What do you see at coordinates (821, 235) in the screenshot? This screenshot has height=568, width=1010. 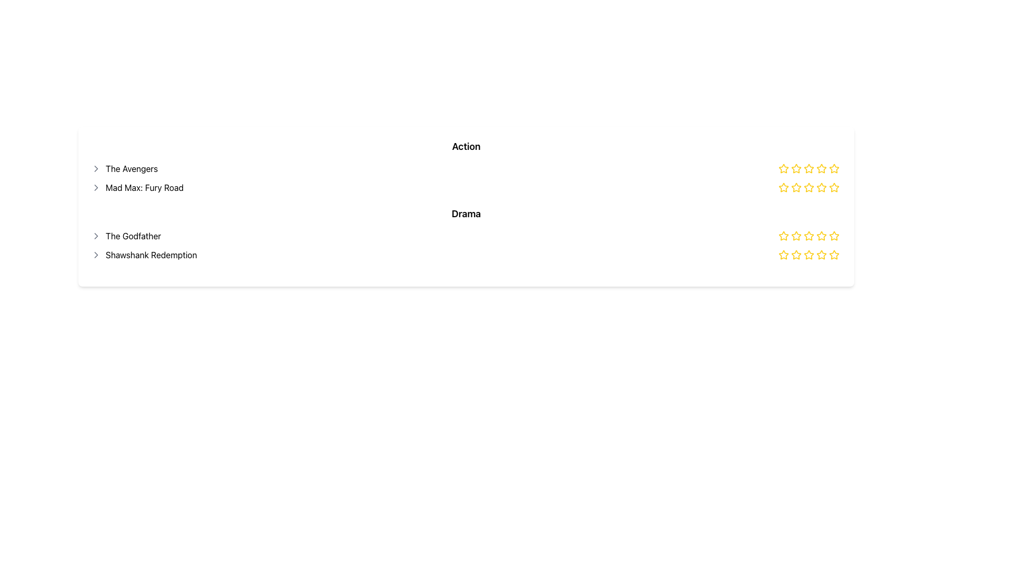 I see `the 5th star icon on the right side of the interface to rate the movie with 5 stars` at bounding box center [821, 235].